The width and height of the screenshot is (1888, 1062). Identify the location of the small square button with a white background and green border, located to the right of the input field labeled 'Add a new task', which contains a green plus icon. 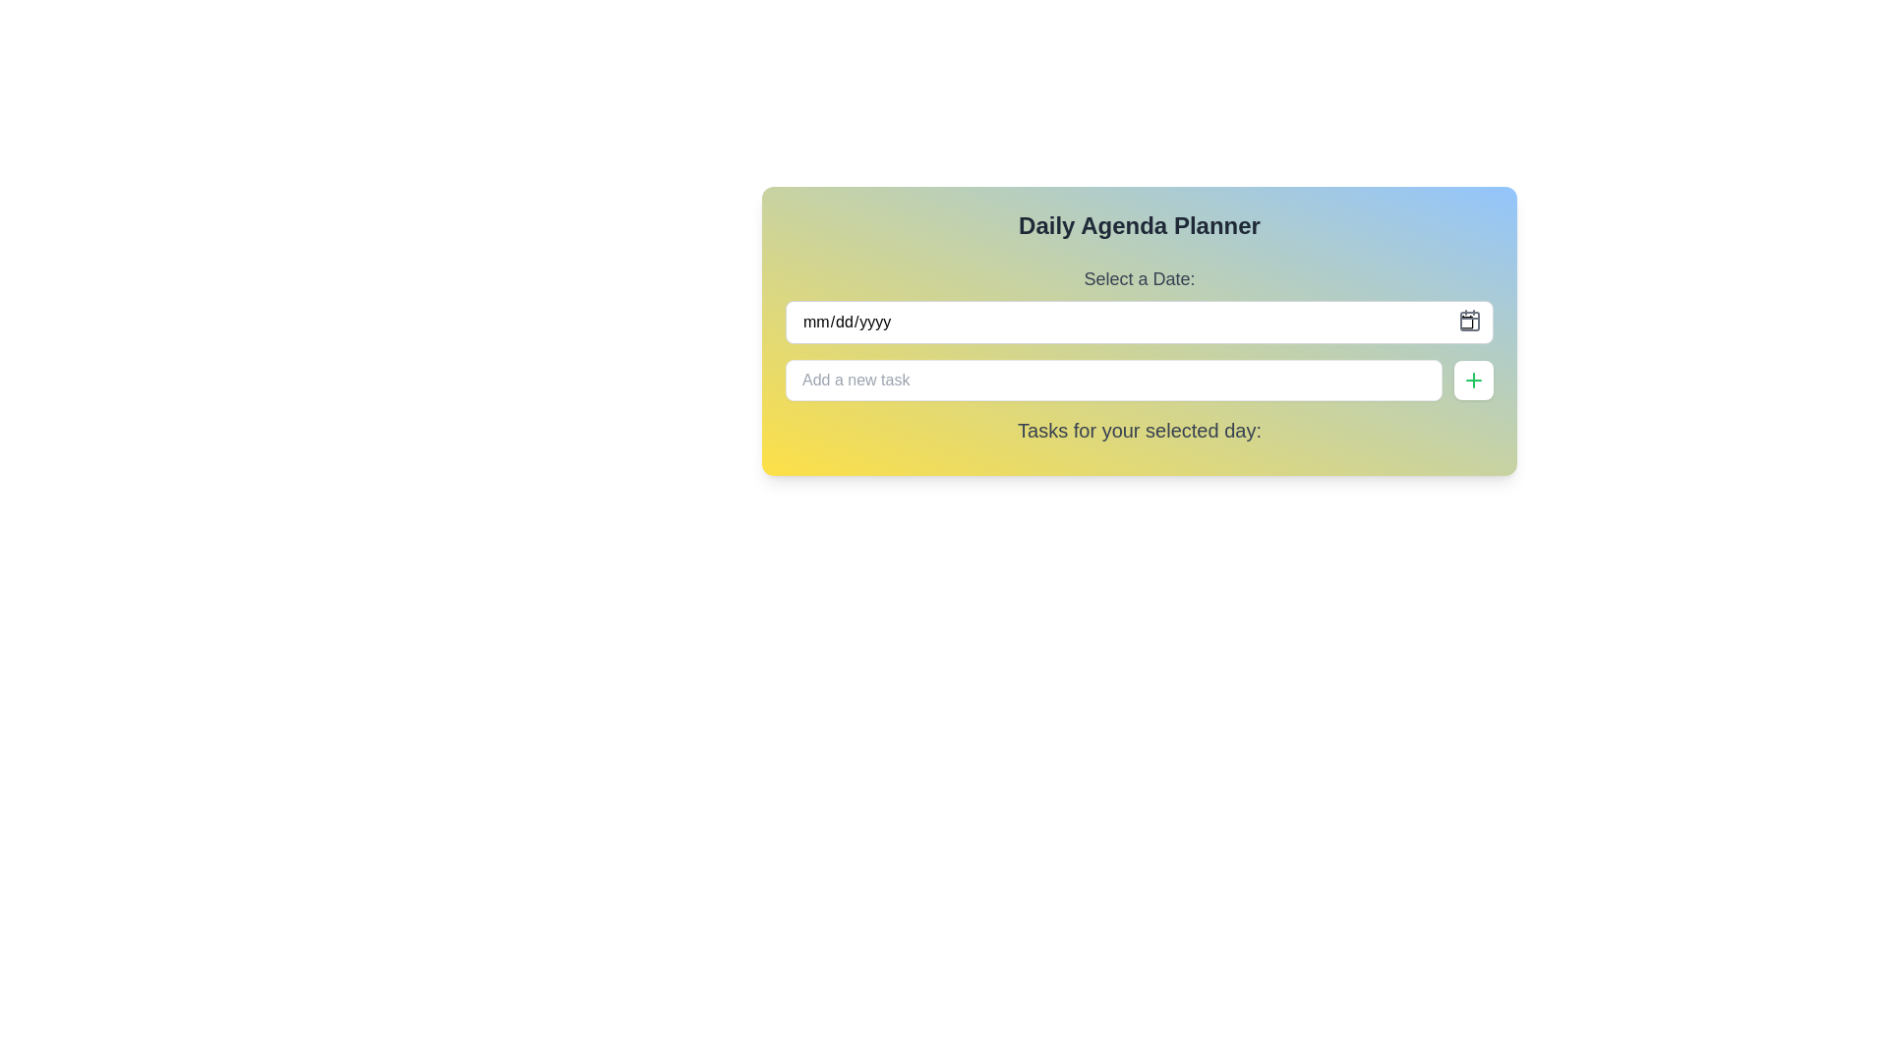
(1473, 380).